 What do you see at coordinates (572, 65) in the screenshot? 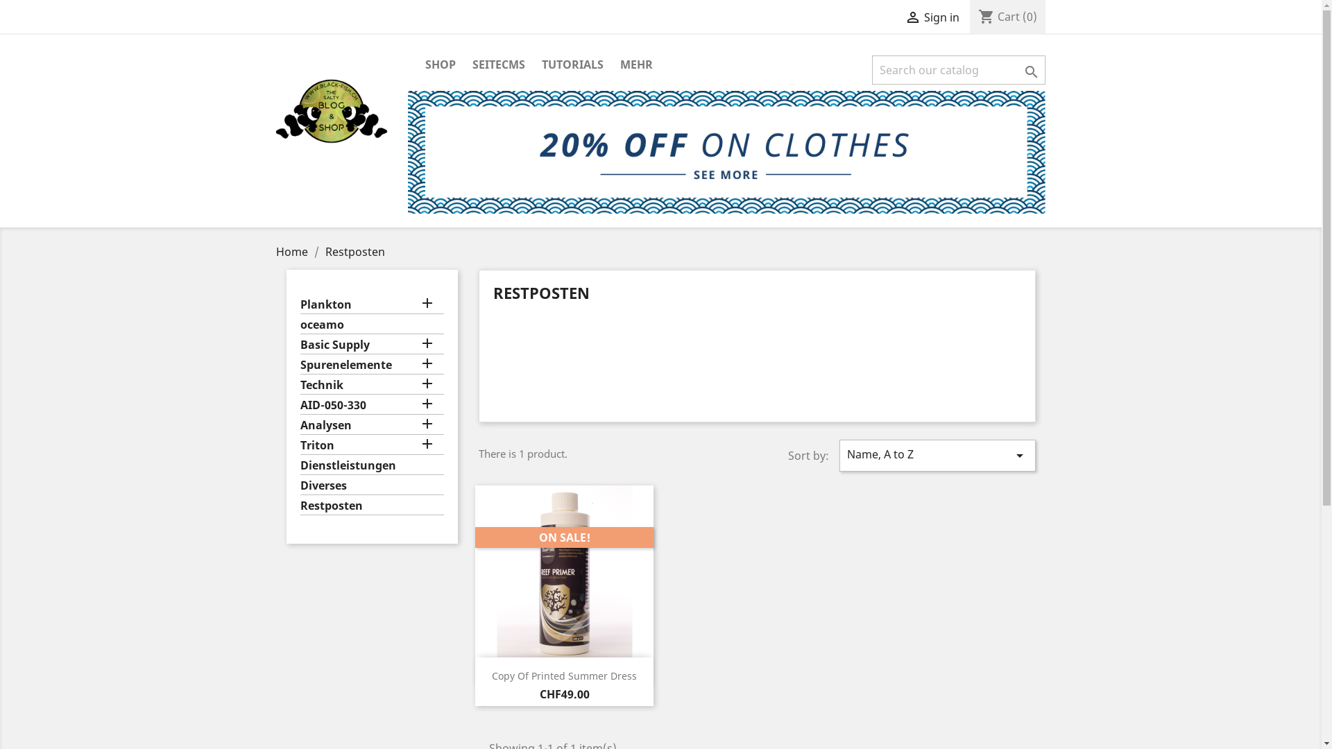
I see `'TUTORIALS'` at bounding box center [572, 65].